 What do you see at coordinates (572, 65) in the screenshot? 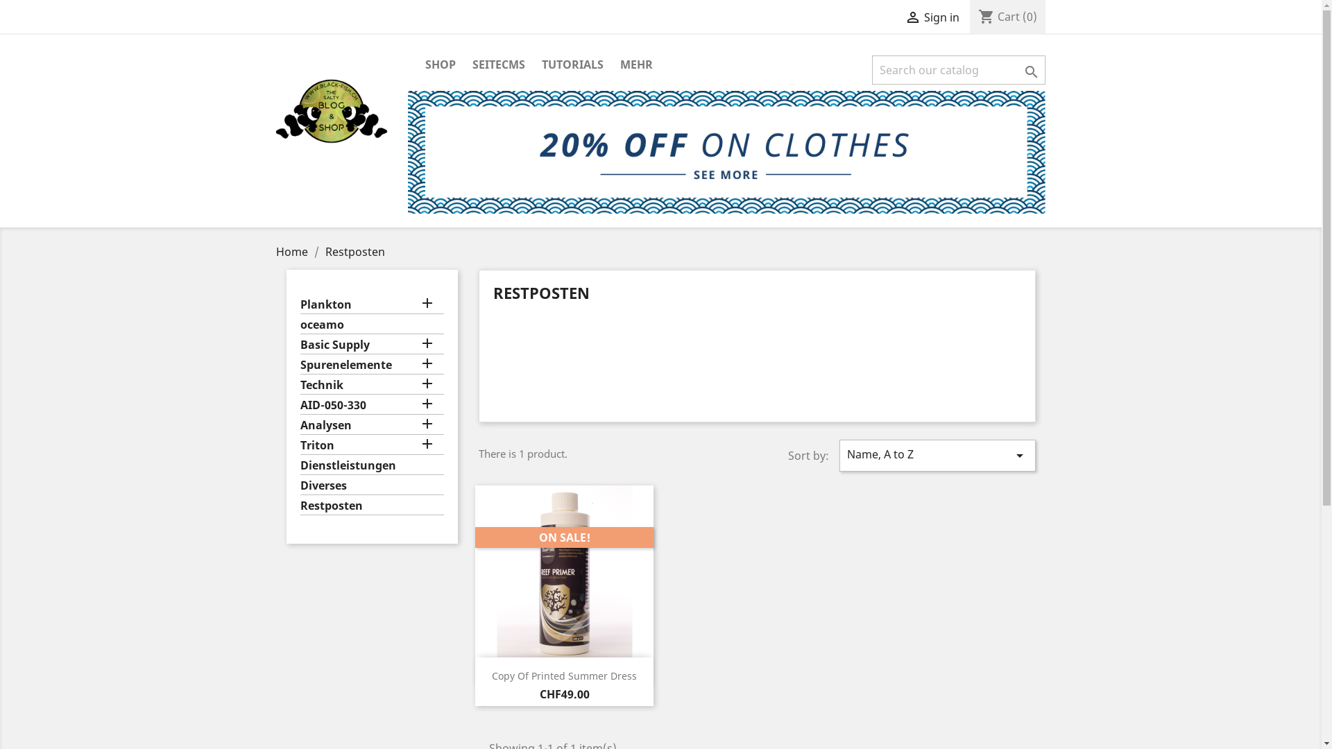
I see `'TUTORIALS'` at bounding box center [572, 65].